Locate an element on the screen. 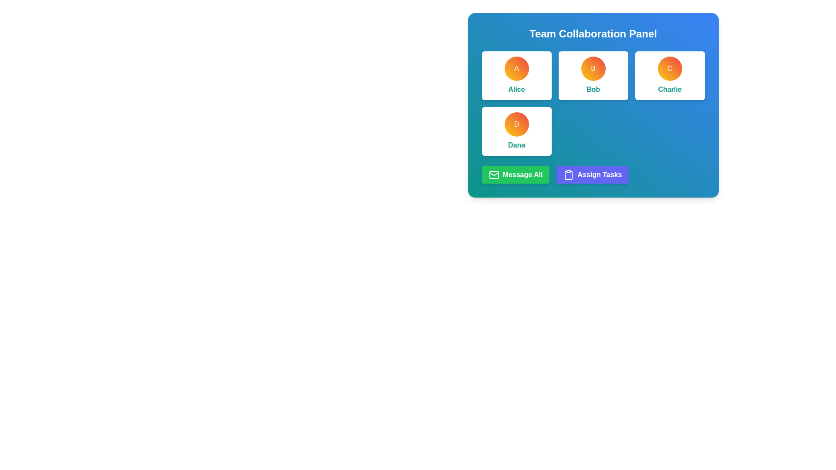  the green 'Message All' button with a white envelope icon is located at coordinates (516, 175).